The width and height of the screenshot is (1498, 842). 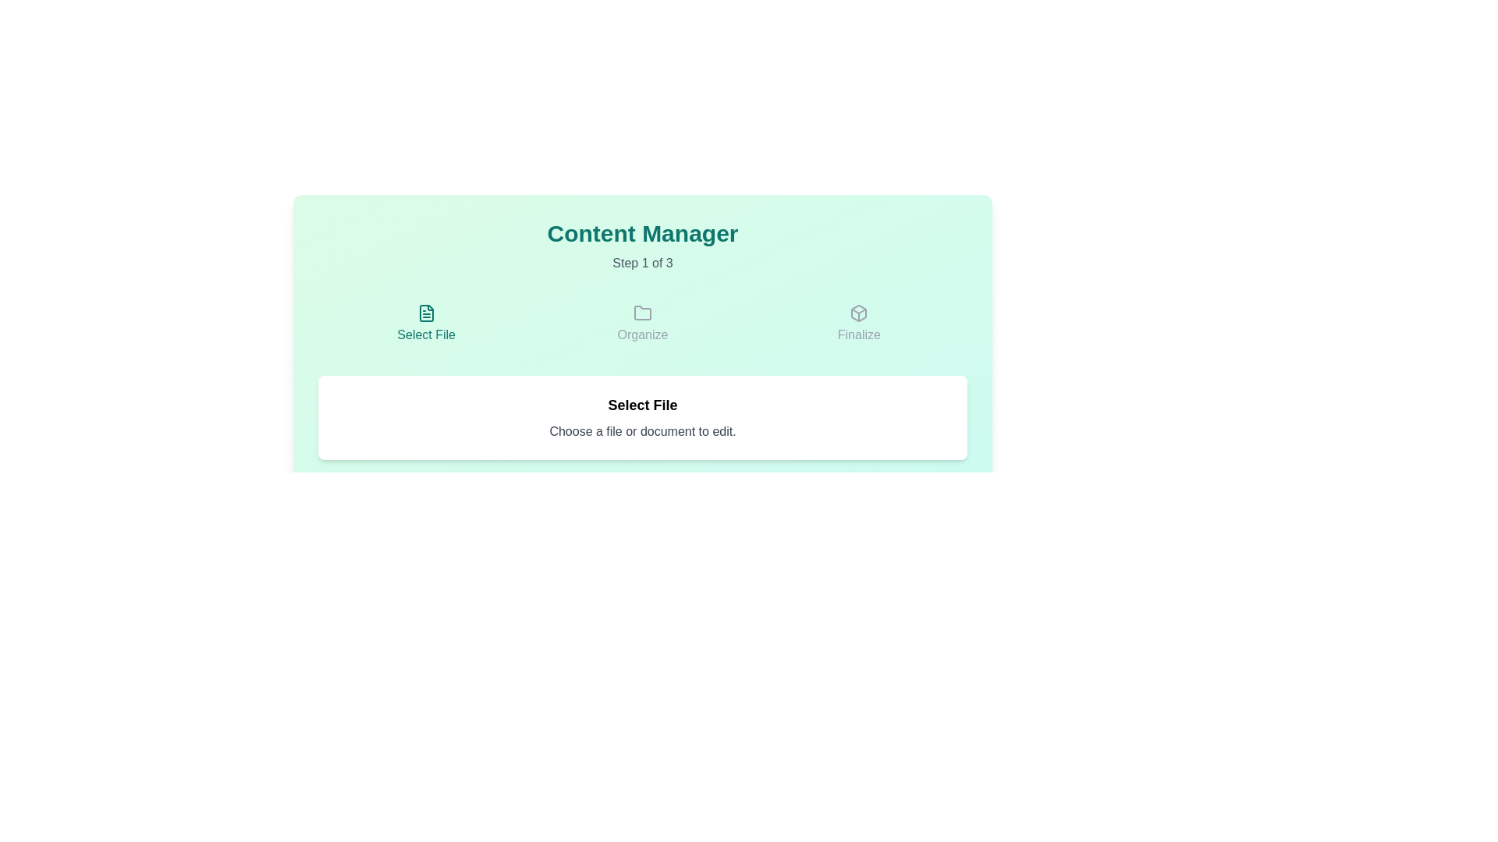 I want to click on the folder icon representing the 'Organize' step in the process, located in the central section of a three-column layout, so click(x=643, y=313).